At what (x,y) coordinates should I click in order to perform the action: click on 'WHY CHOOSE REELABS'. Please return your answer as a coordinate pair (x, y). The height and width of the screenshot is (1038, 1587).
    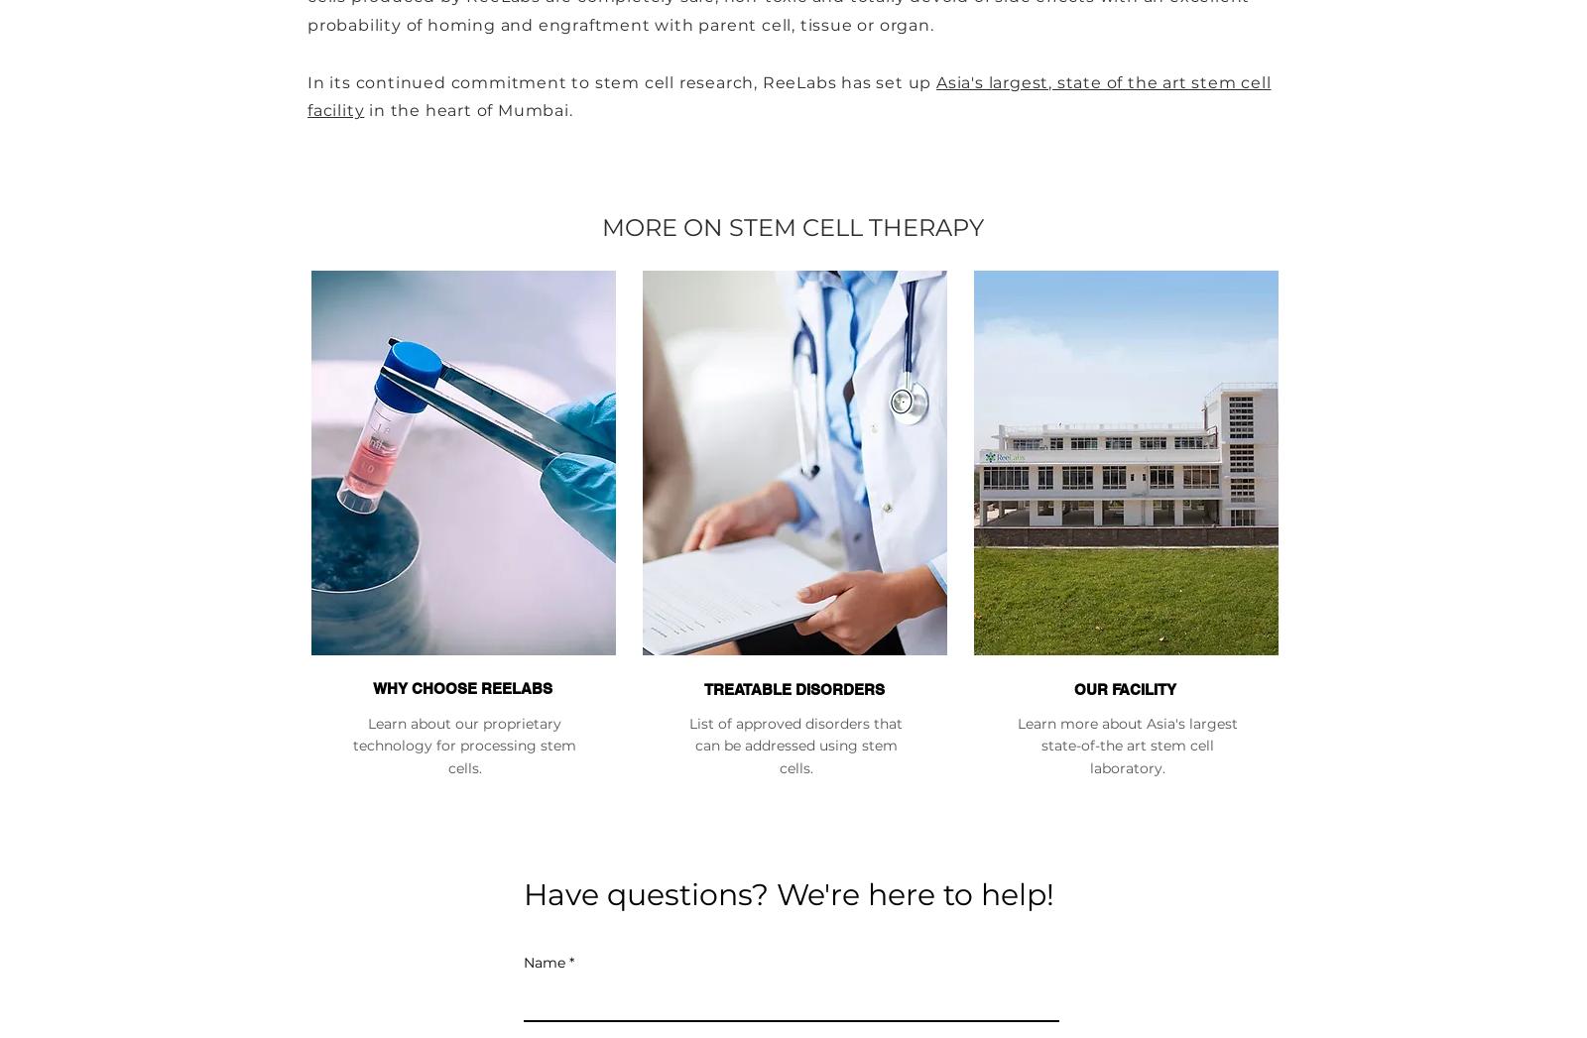
    Looking at the image, I should click on (461, 686).